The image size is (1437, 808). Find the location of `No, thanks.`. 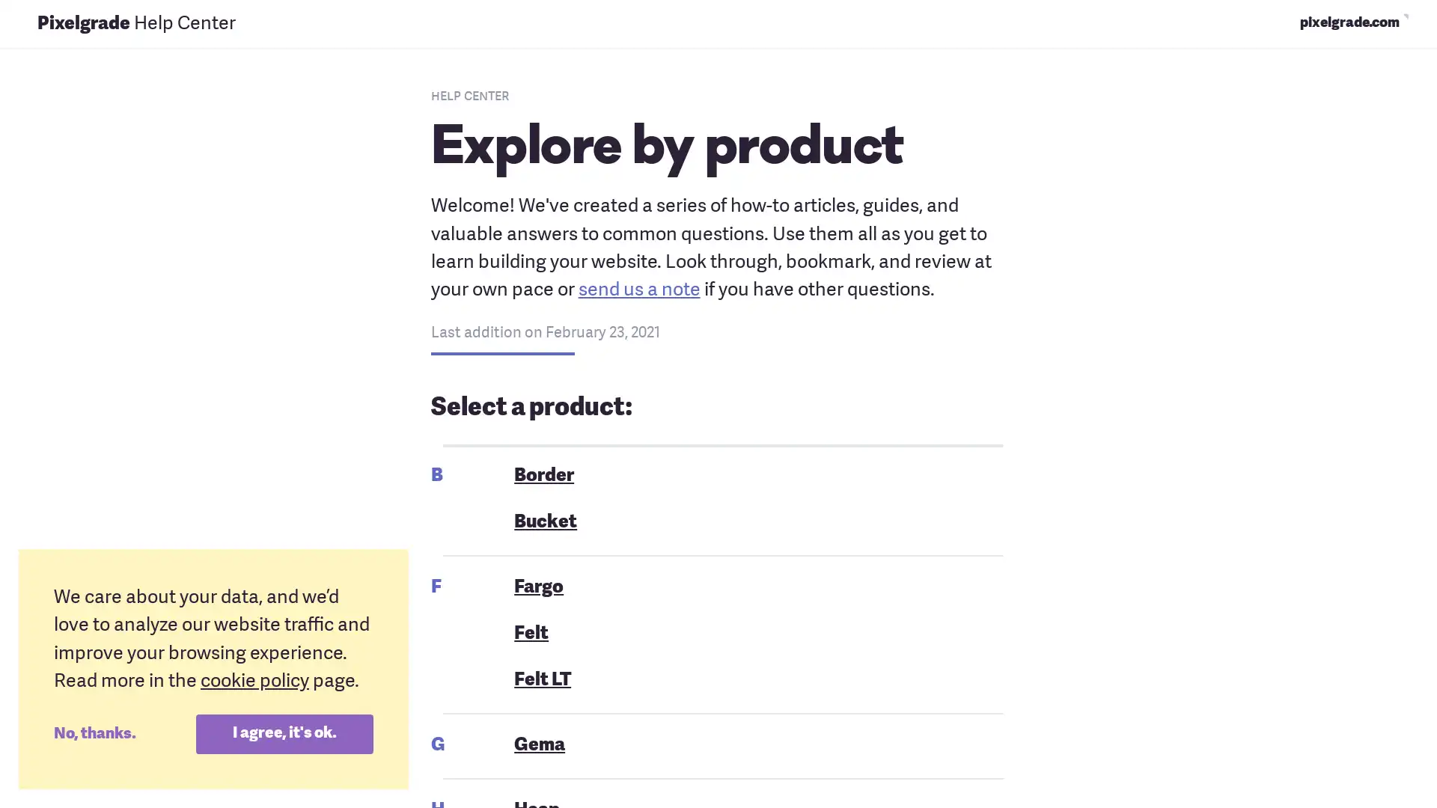

No, thanks. is located at coordinates (124, 732).